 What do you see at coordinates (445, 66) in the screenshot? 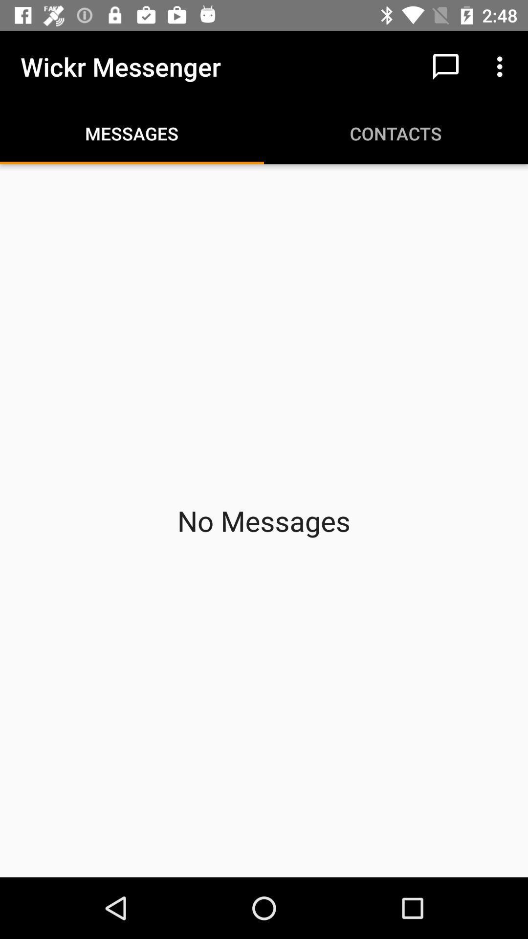
I see `app to the right of the wickr messenger item` at bounding box center [445, 66].